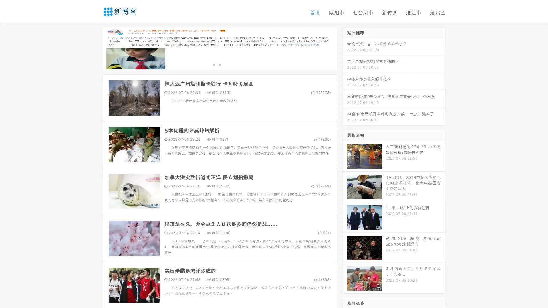 Image resolution: width=548 pixels, height=308 pixels. What do you see at coordinates (225, 64) in the screenshot?
I see `Go to slide 3` at bounding box center [225, 64].